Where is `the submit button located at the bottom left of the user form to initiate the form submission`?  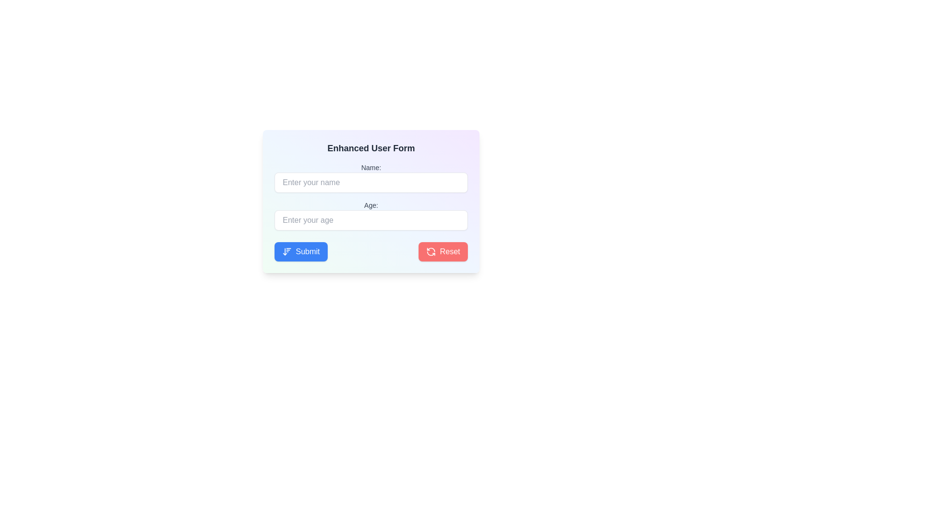
the submit button located at the bottom left of the user form to initiate the form submission is located at coordinates (300, 251).